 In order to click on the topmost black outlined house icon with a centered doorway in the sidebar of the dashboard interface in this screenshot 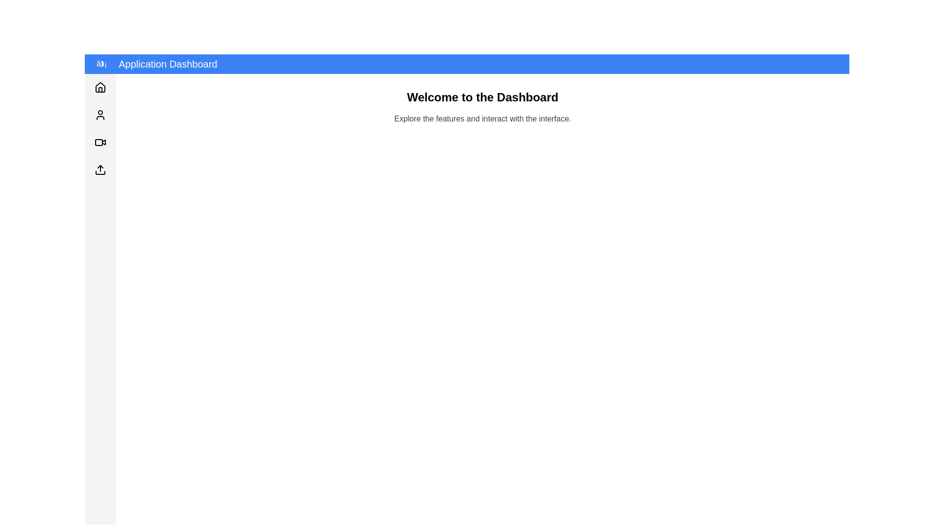, I will do `click(100, 87)`.